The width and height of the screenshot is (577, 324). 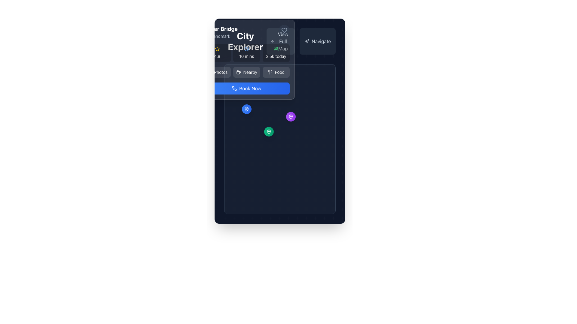 What do you see at coordinates (246, 53) in the screenshot?
I see `the informative label displaying '10 mins' which is styled within a rounded card-like UI component, located in the middle of three horizontally aligned cards, specifically the second card from the left` at bounding box center [246, 53].